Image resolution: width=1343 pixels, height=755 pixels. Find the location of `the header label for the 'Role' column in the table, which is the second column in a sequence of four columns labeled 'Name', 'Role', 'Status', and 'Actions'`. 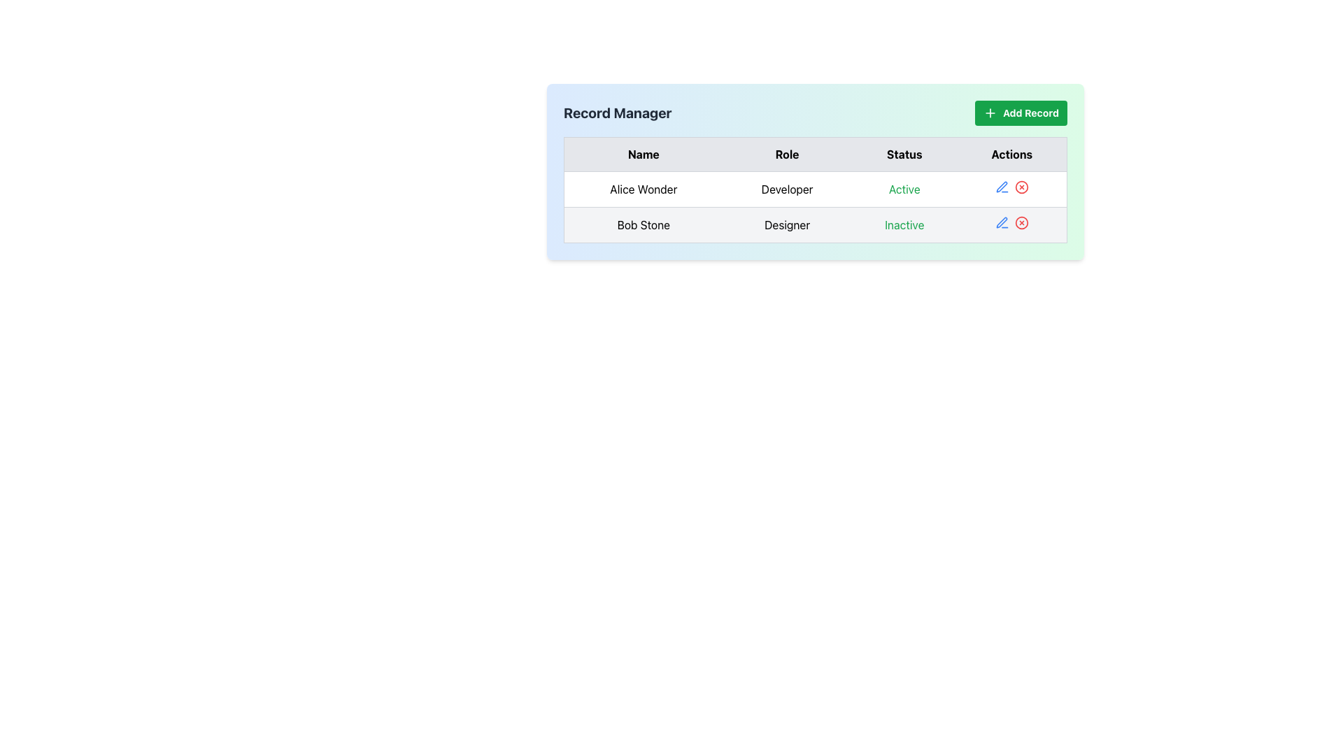

the header label for the 'Role' column in the table, which is the second column in a sequence of four columns labeled 'Name', 'Role', 'Status', and 'Actions' is located at coordinates (787, 154).